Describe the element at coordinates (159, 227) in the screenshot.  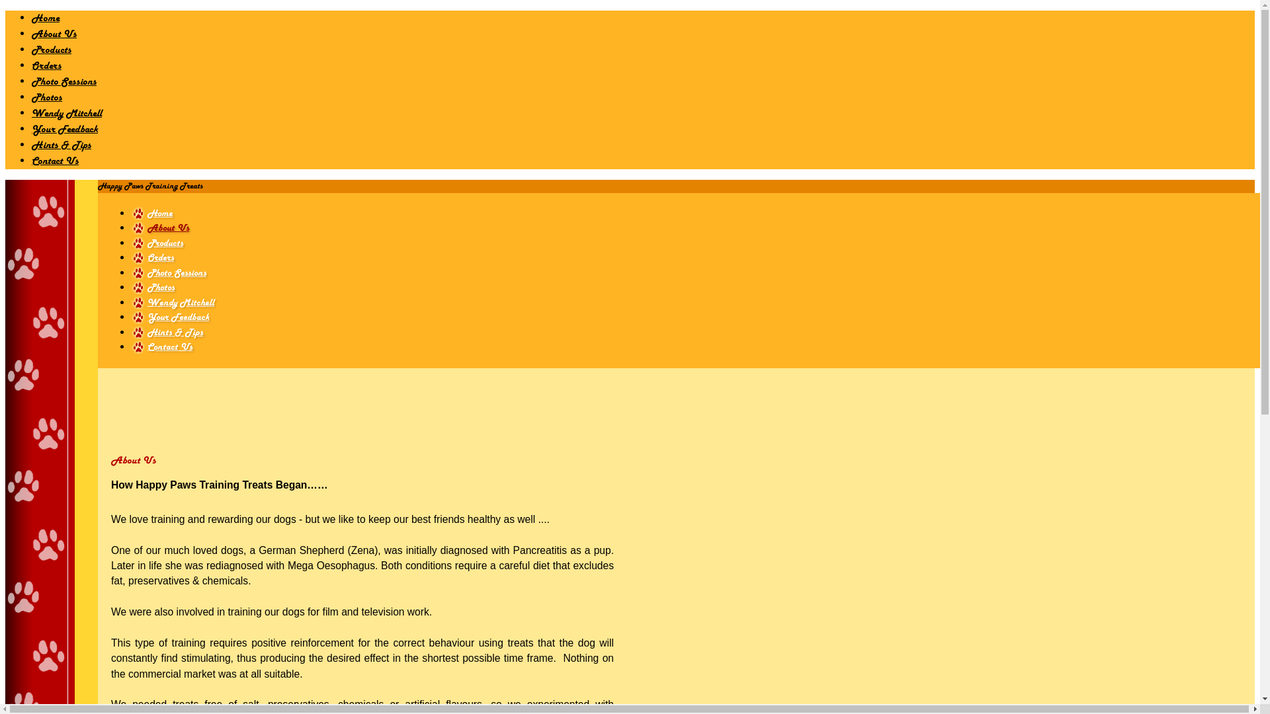
I see `'About Us'` at that location.